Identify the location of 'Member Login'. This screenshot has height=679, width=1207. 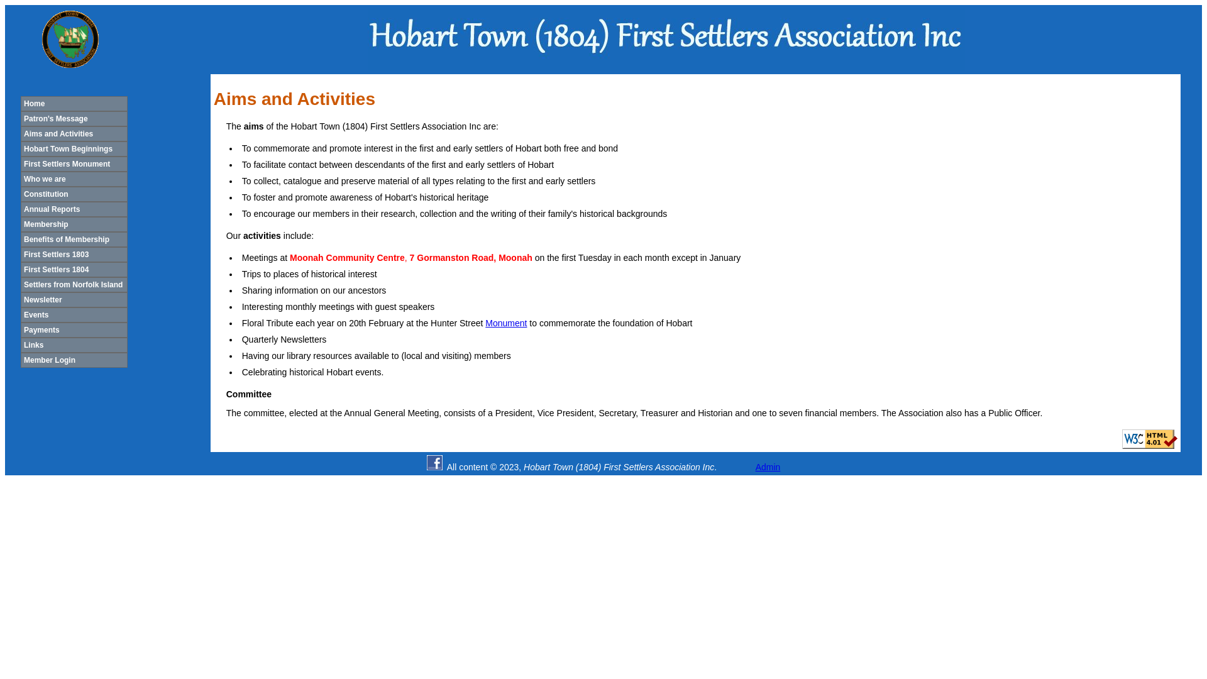
(74, 360).